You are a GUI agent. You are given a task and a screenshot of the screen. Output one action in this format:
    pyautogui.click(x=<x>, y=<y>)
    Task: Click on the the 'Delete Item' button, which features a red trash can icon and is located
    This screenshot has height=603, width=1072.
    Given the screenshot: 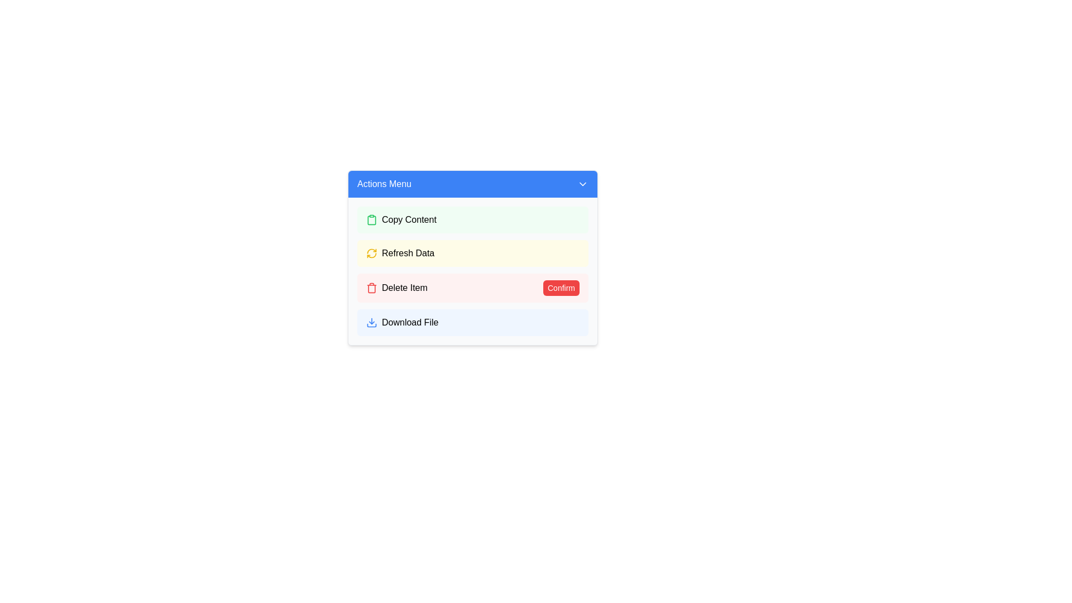 What is the action you would take?
    pyautogui.click(x=396, y=288)
    